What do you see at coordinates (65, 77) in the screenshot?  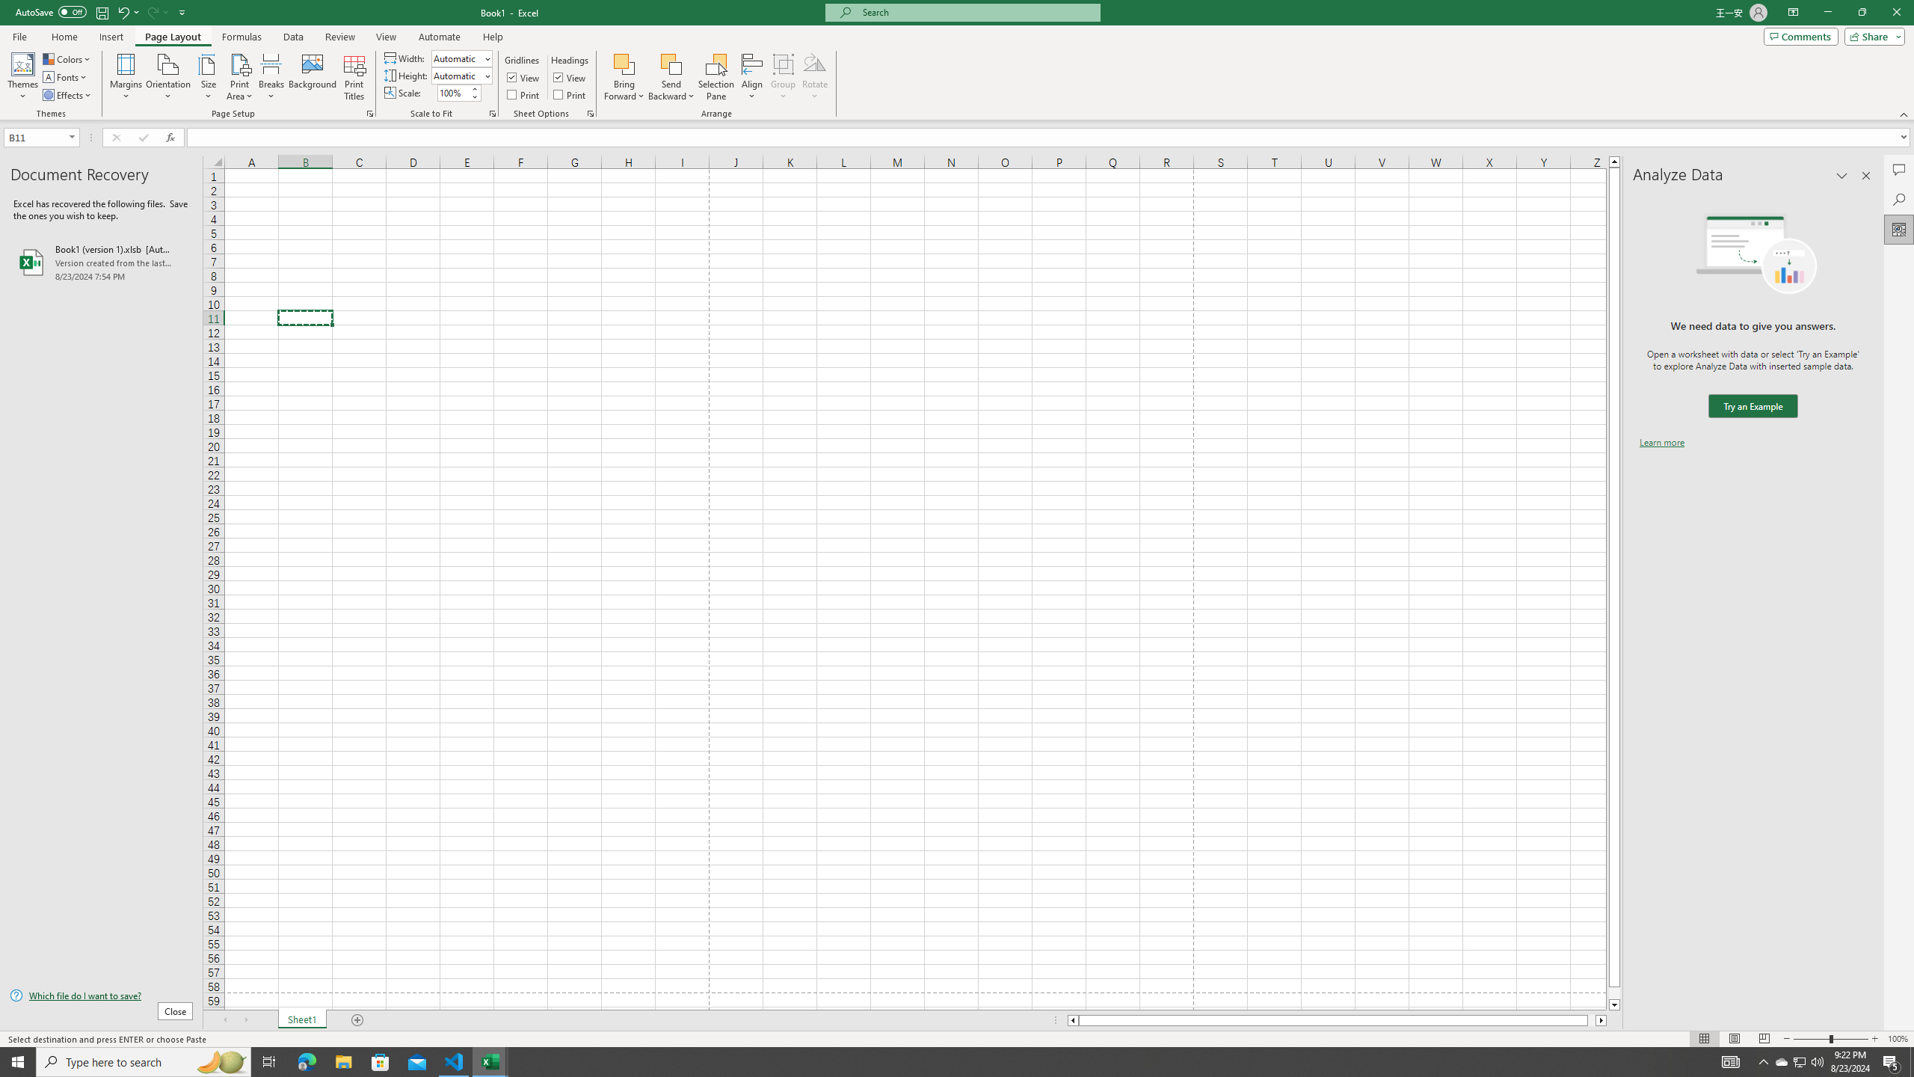 I see `'Fonts'` at bounding box center [65, 77].